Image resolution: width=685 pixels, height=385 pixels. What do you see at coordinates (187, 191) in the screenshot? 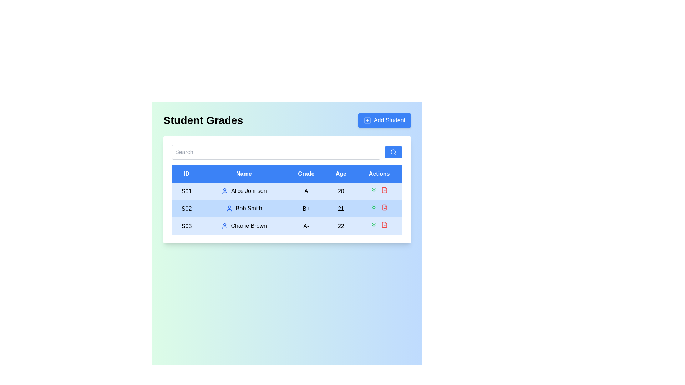
I see `the text label that represents the ID for the user 'Alice Johnson' in the table's 'ID' column` at bounding box center [187, 191].